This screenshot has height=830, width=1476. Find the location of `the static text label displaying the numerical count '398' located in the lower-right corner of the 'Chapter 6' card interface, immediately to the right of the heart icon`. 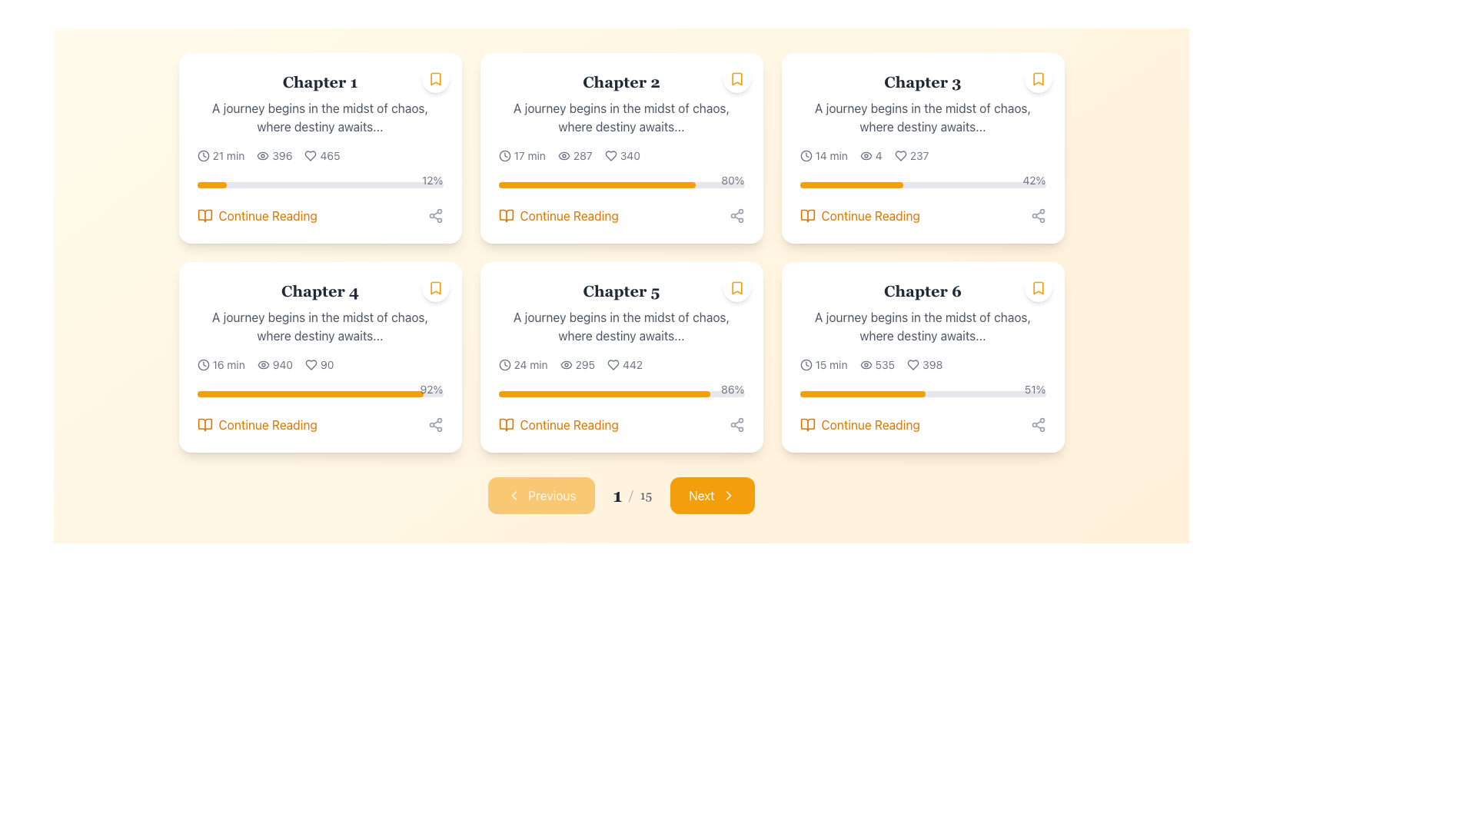

the static text label displaying the numerical count '398' located in the lower-right corner of the 'Chapter 6' card interface, immediately to the right of the heart icon is located at coordinates (932, 364).